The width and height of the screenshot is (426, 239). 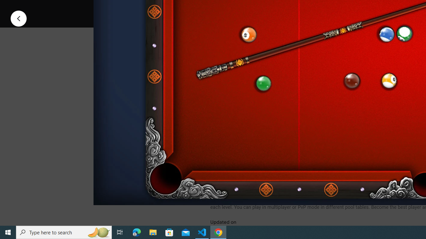 What do you see at coordinates (18, 18) in the screenshot?
I see `'Previous'` at bounding box center [18, 18].